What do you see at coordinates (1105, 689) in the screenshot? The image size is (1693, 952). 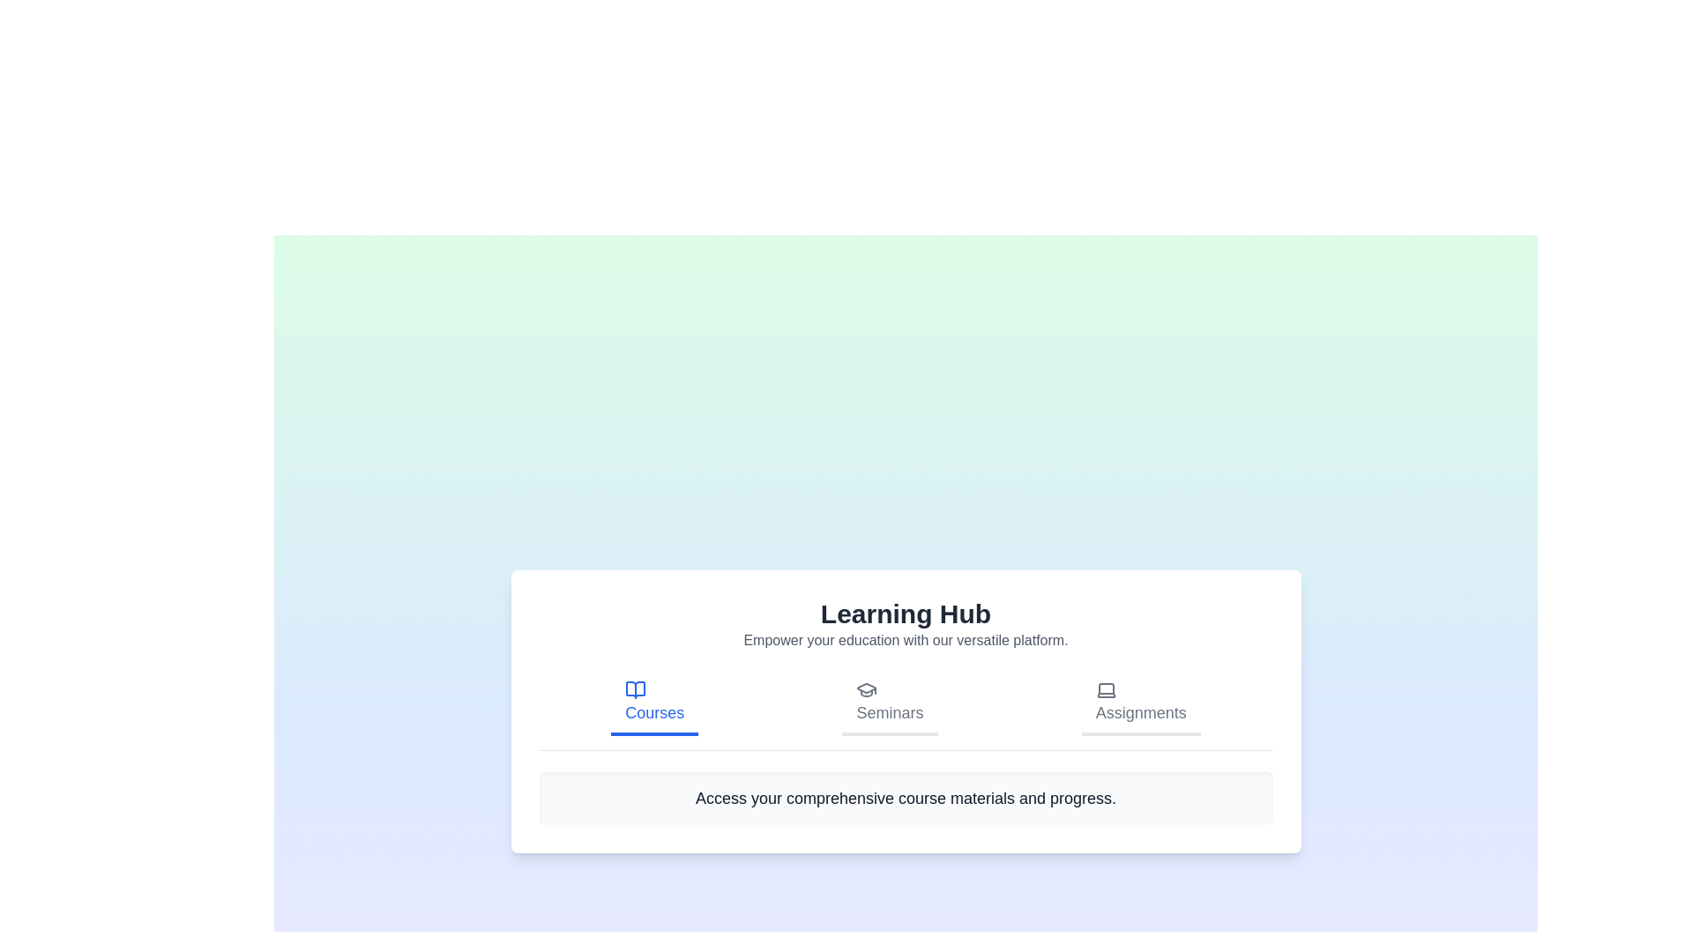 I see `the laptop icon located in the 'Assignments' category at the bottom-right area of the main content section` at bounding box center [1105, 689].